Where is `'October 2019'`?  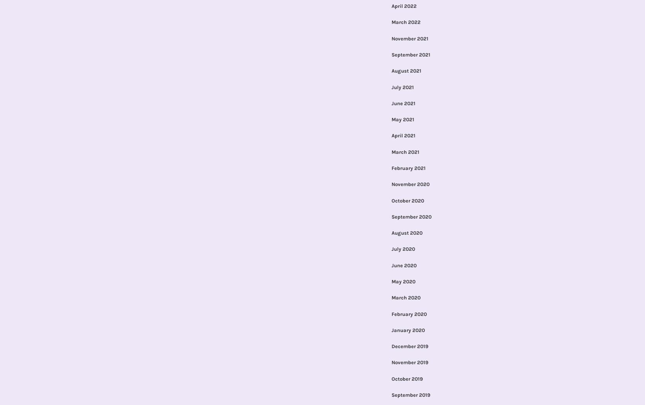
'October 2019' is located at coordinates (407, 378).